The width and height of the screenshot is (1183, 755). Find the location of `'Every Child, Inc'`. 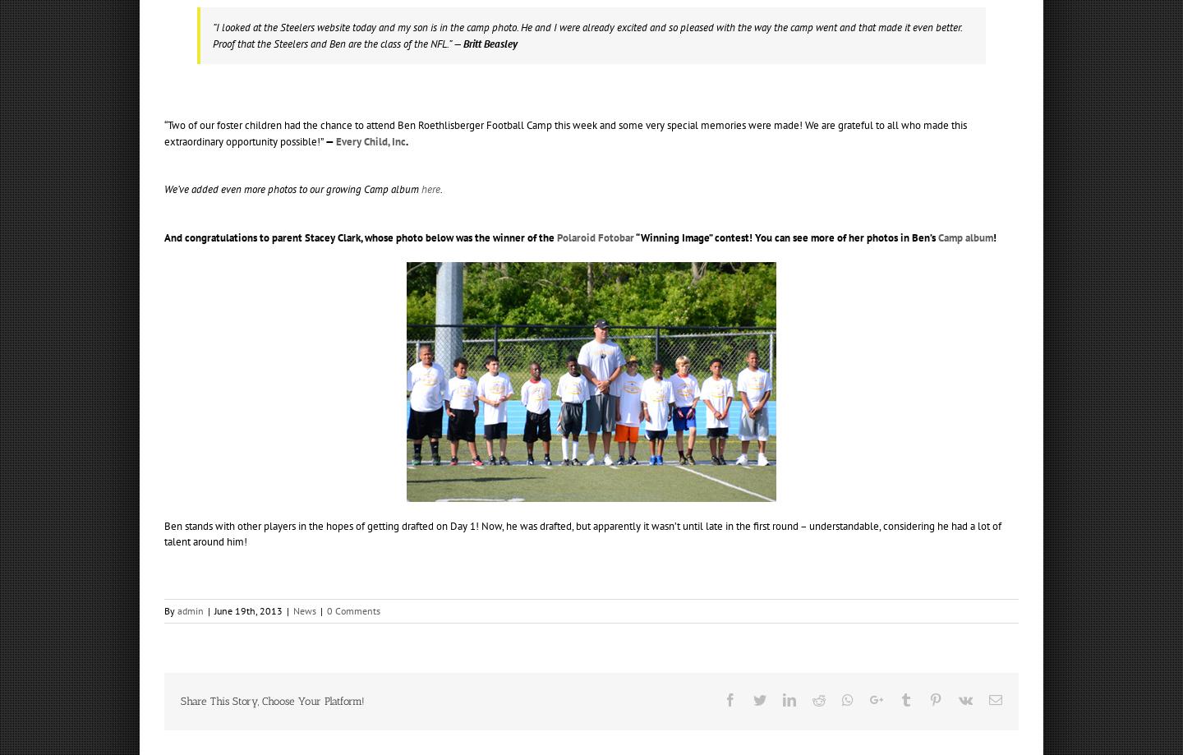

'Every Child, Inc' is located at coordinates (334, 140).